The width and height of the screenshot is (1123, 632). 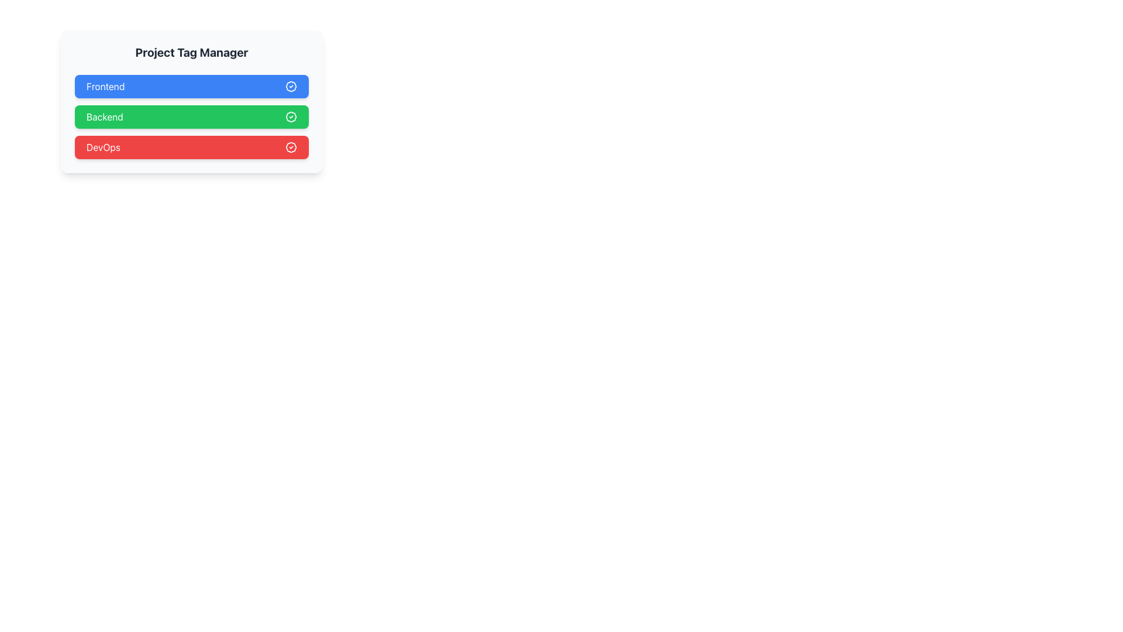 What do you see at coordinates (291, 146) in the screenshot?
I see `the status icon indicating the approval of the 'DevOps' category located at the far right of its row` at bounding box center [291, 146].